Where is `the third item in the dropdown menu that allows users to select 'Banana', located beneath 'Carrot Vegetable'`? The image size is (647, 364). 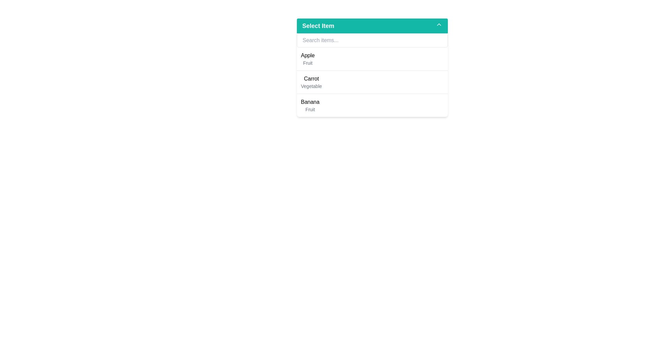 the third item in the dropdown menu that allows users to select 'Banana', located beneath 'Carrot Vegetable' is located at coordinates (372, 105).